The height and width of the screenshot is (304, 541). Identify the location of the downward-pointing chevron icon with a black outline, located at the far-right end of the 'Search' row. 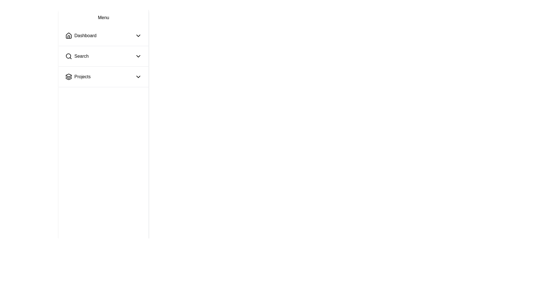
(138, 56).